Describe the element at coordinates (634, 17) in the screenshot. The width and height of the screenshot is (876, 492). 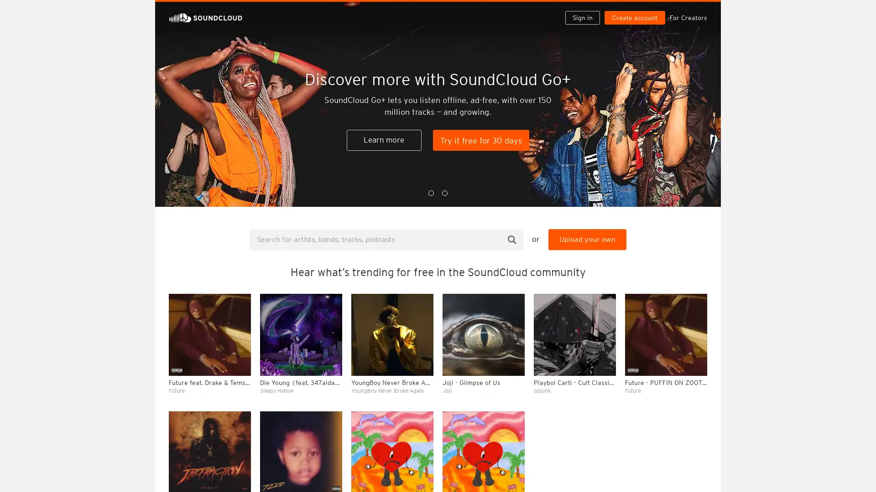
I see `Create a SoundCloud account` at that location.